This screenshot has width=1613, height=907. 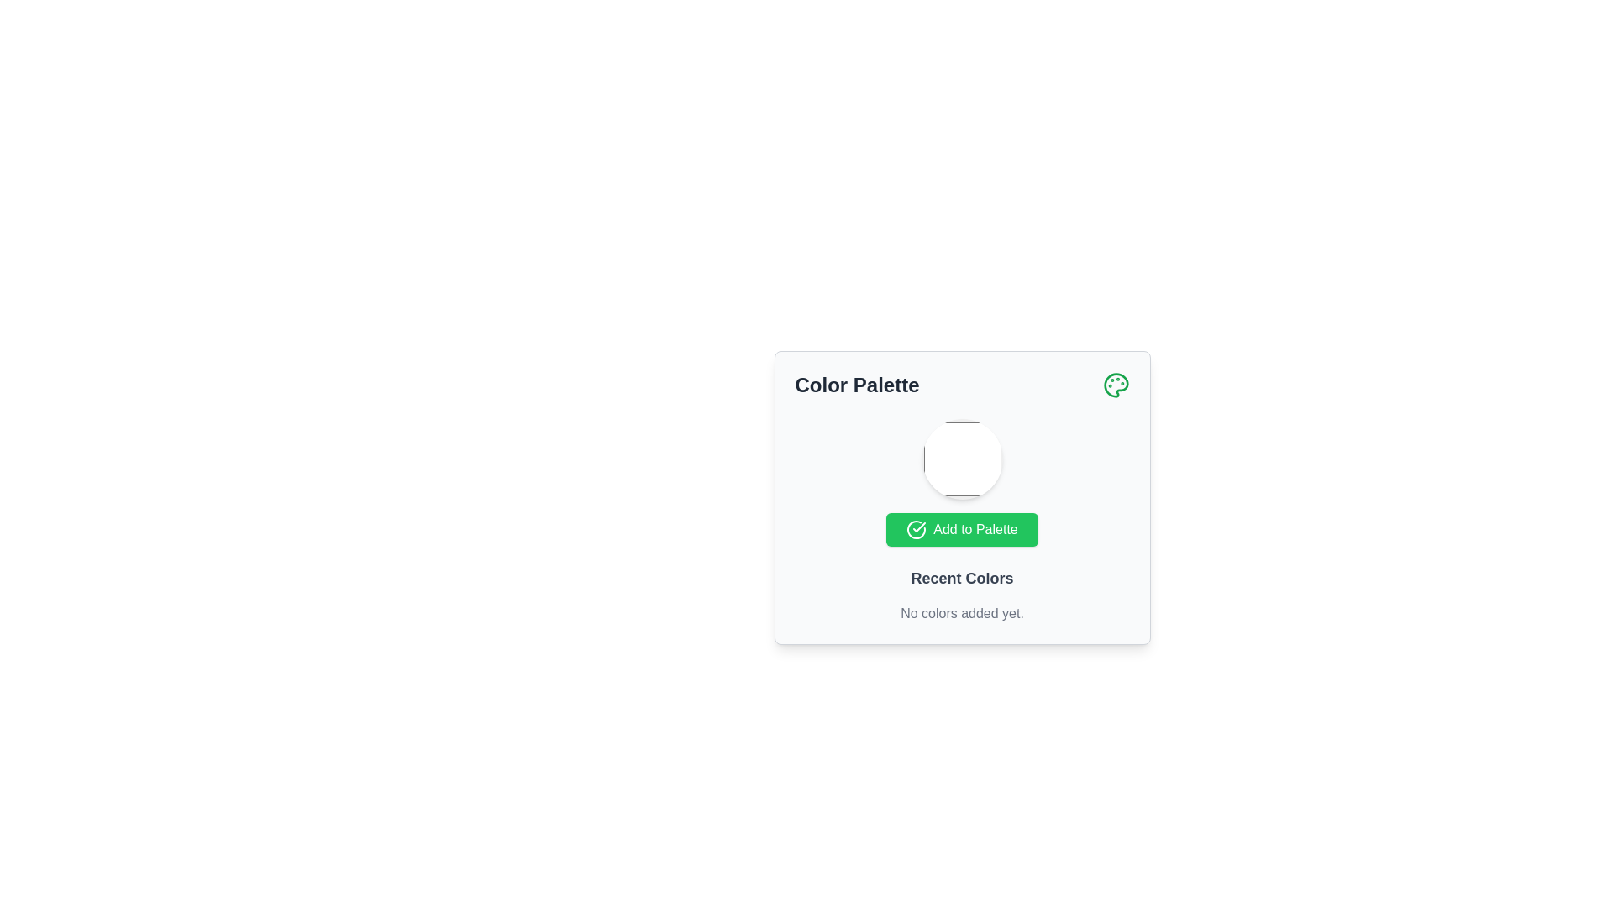 What do you see at coordinates (962, 459) in the screenshot?
I see `the white circular button located at the center of the 'Color Palette' section` at bounding box center [962, 459].